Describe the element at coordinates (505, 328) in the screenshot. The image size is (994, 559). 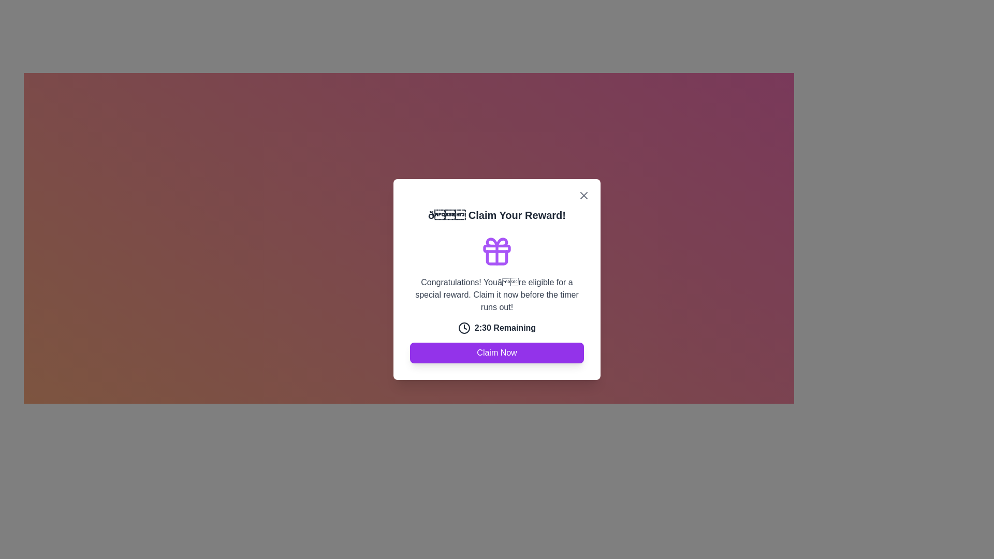
I see `the countdown information displayed in the text label, which is centrally located beneath the reward description and above the 'Claim Now' button in the modal dialog` at that location.